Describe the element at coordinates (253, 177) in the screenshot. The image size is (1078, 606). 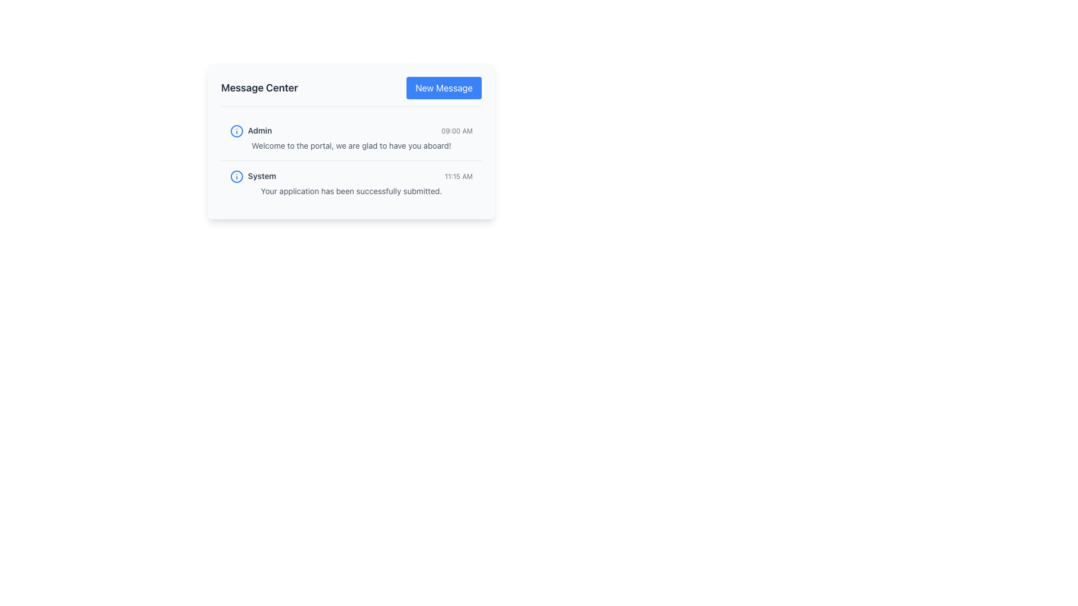
I see `the text label displaying 'System' in small, bold, gray text, located in the middle-left section of the interface, adjacent to an icon with a blue circle containing the letter 'i'` at that location.